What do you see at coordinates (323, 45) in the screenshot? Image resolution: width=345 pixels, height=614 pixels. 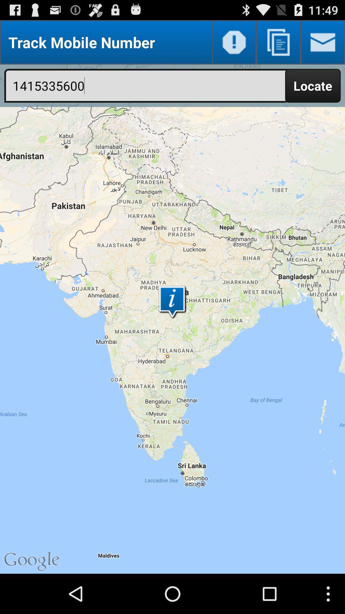 I see `the email icon` at bounding box center [323, 45].